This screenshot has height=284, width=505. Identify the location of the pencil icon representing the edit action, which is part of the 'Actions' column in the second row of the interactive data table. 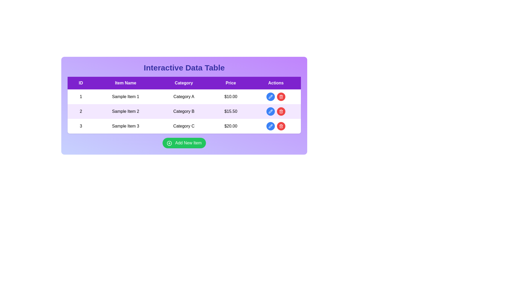
(271, 111).